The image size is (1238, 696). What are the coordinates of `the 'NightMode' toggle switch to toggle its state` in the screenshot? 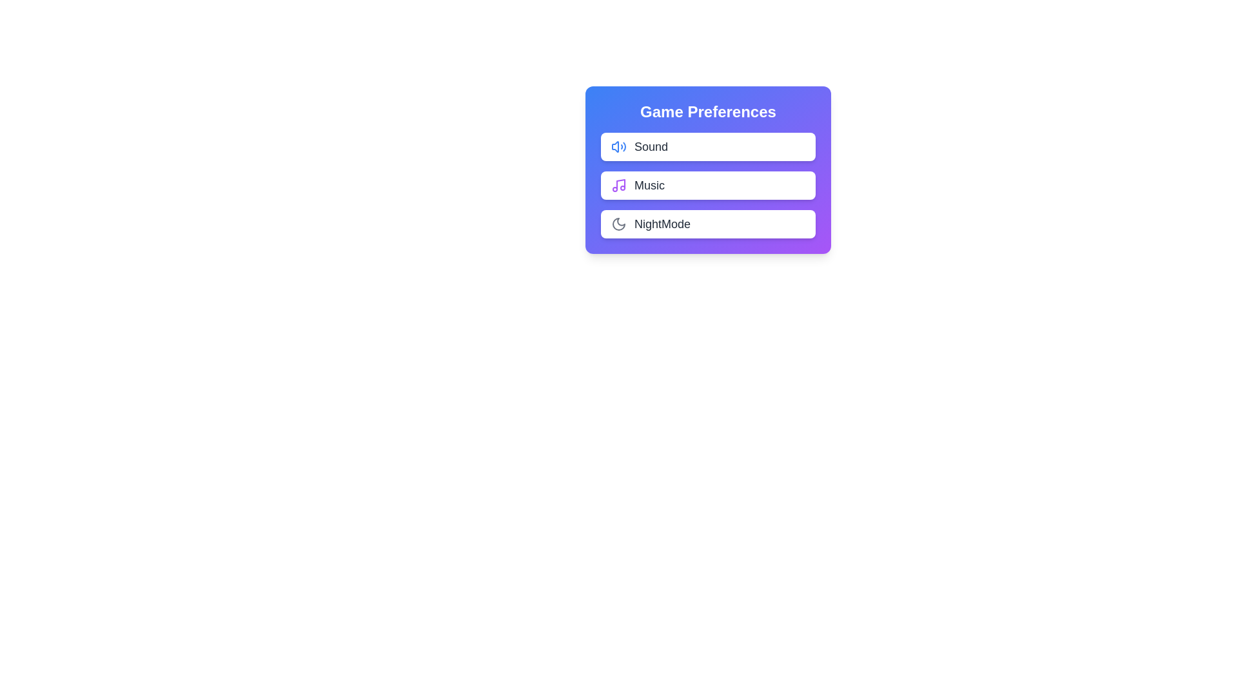 It's located at (789, 223).